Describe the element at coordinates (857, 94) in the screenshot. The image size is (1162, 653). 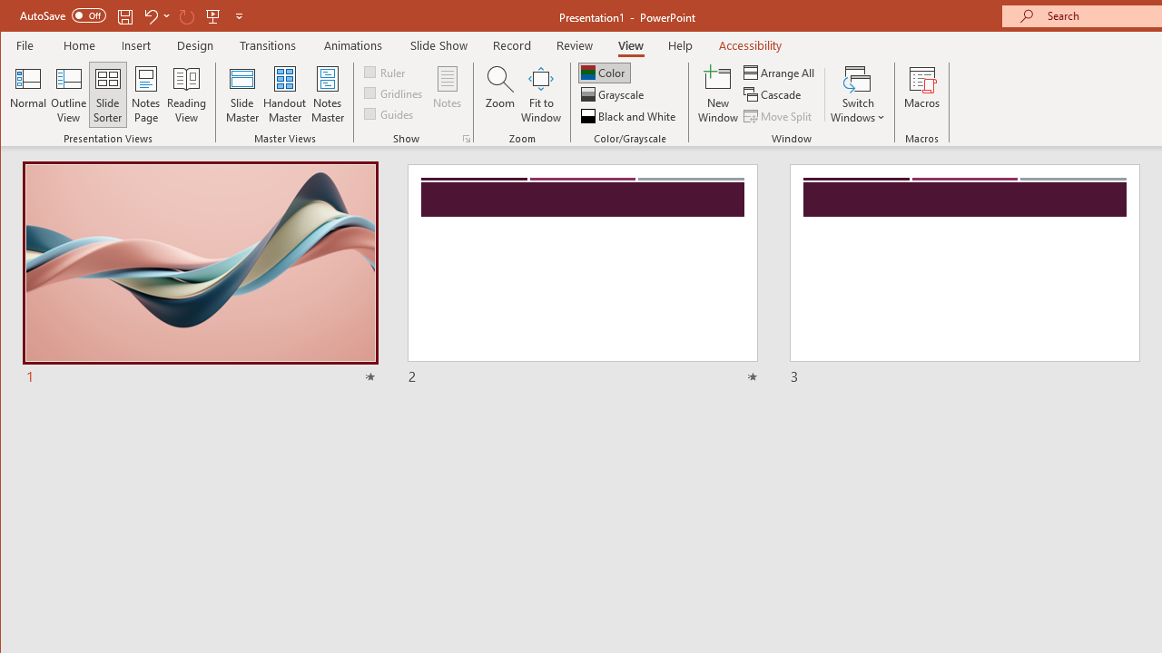
I see `'Switch Windows'` at that location.